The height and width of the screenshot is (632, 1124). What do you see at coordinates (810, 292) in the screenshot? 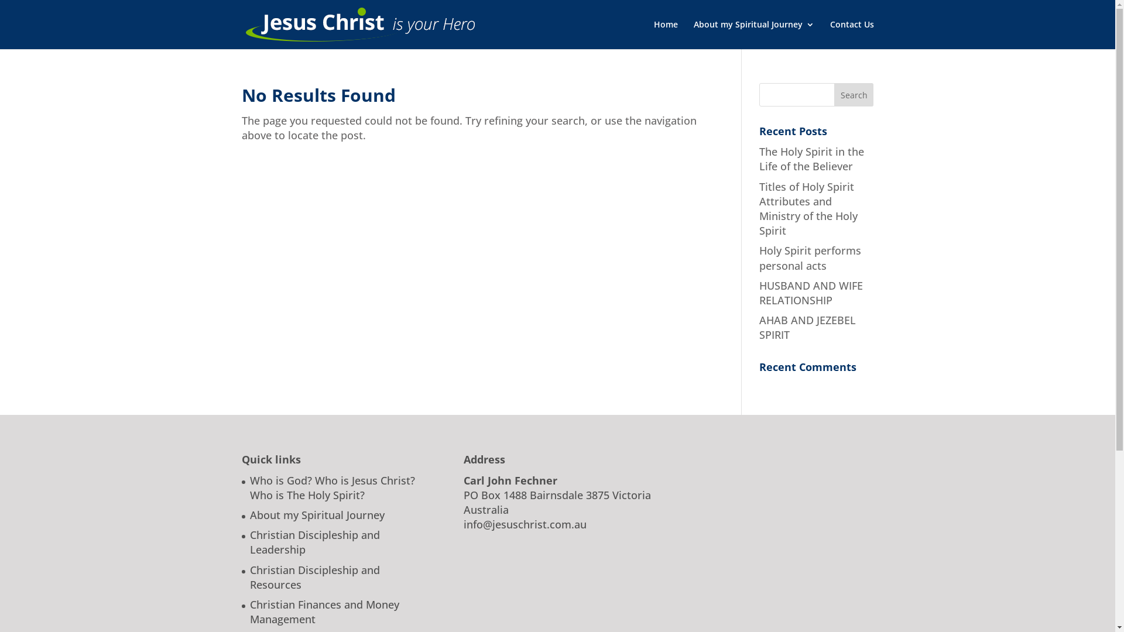
I see `'HUSBAND AND WIFE RELATIONSHIP'` at bounding box center [810, 292].